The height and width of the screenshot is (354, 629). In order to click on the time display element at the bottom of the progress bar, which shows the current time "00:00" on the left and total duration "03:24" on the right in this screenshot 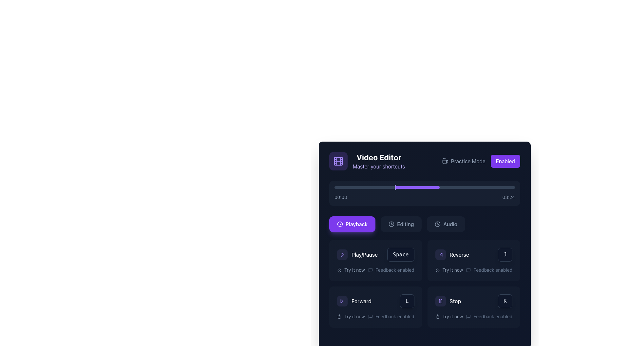, I will do `click(425, 197)`.